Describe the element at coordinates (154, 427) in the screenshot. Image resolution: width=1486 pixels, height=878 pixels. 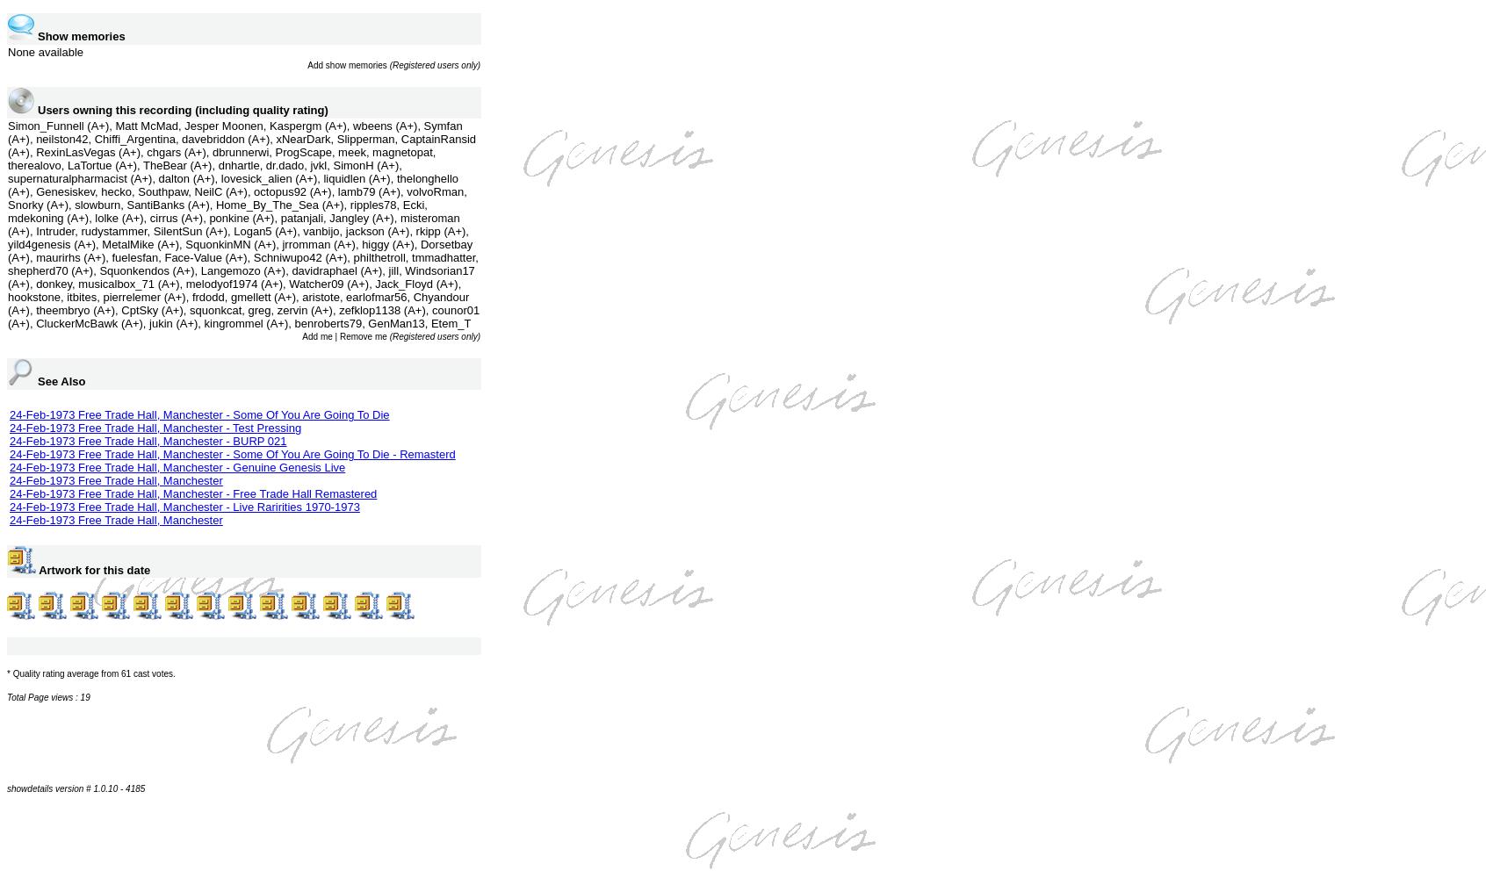
I see `'24-Feb-1973 Free Trade Hall, Manchester - Test Pressing'` at that location.